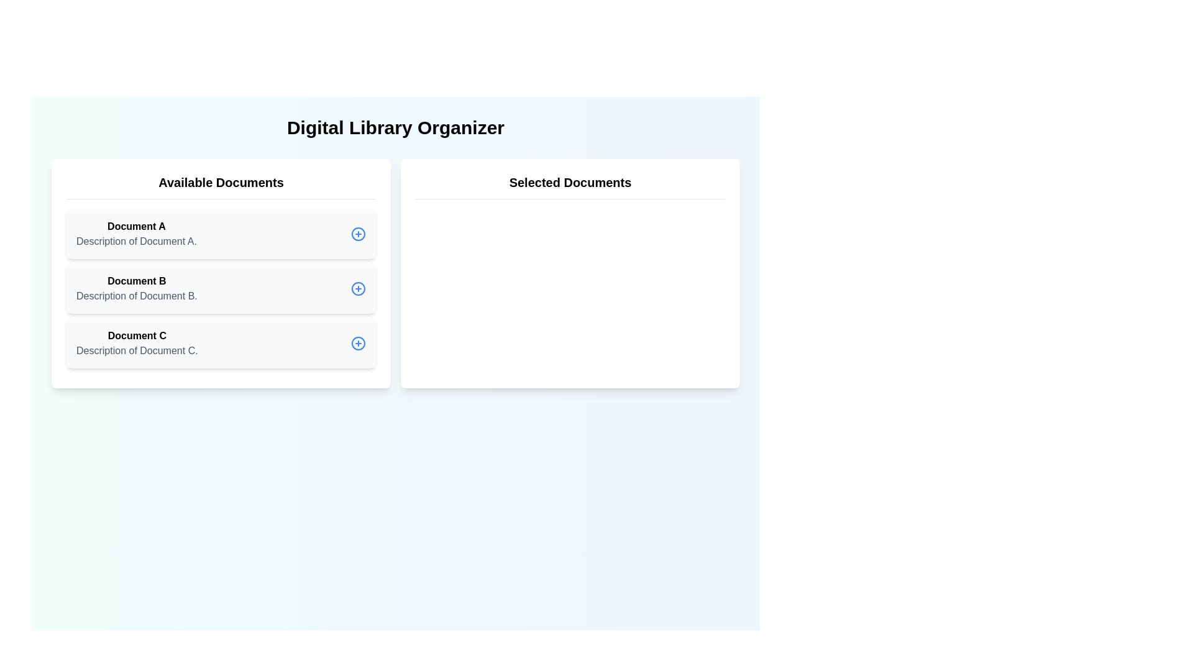  What do you see at coordinates (357, 343) in the screenshot?
I see `the third plus icon button in the left panel labeled 'Available Documents'` at bounding box center [357, 343].